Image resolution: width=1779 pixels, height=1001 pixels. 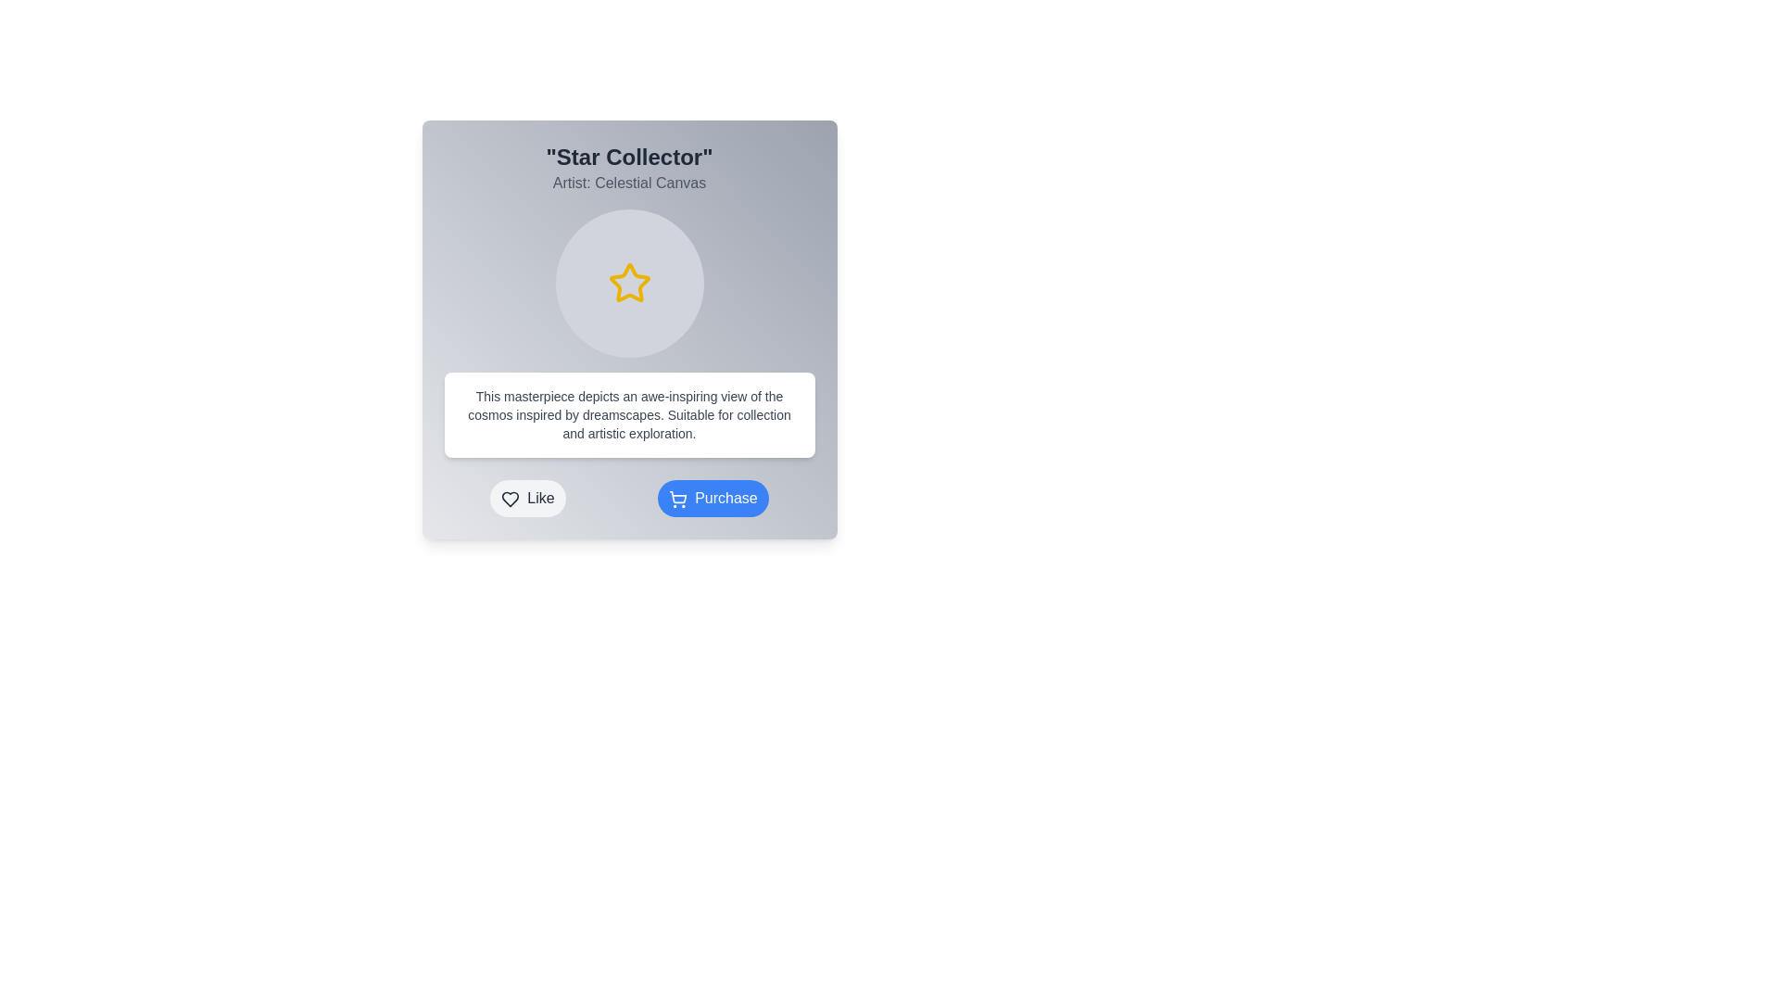 I want to click on the heart-shaped 'like' icon for keyboard navigation, so click(x=511, y=498).